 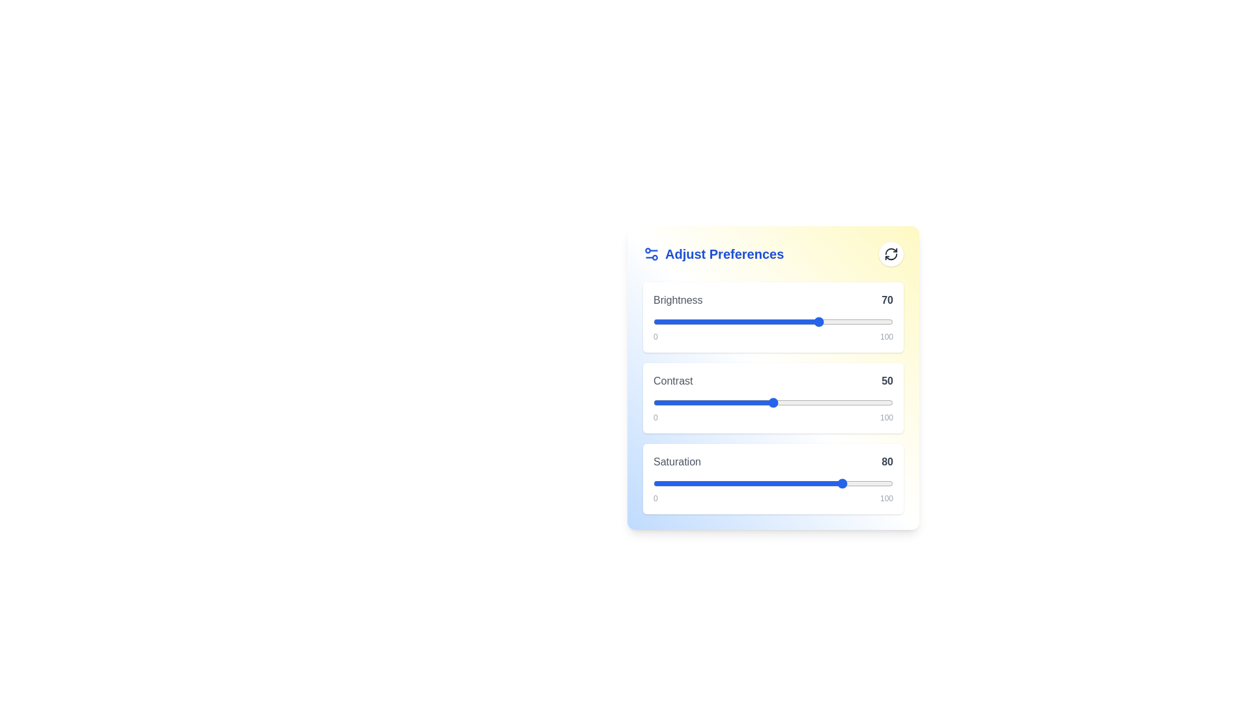 I want to click on the text label located at the top-left section of the settings interface, so click(x=713, y=254).